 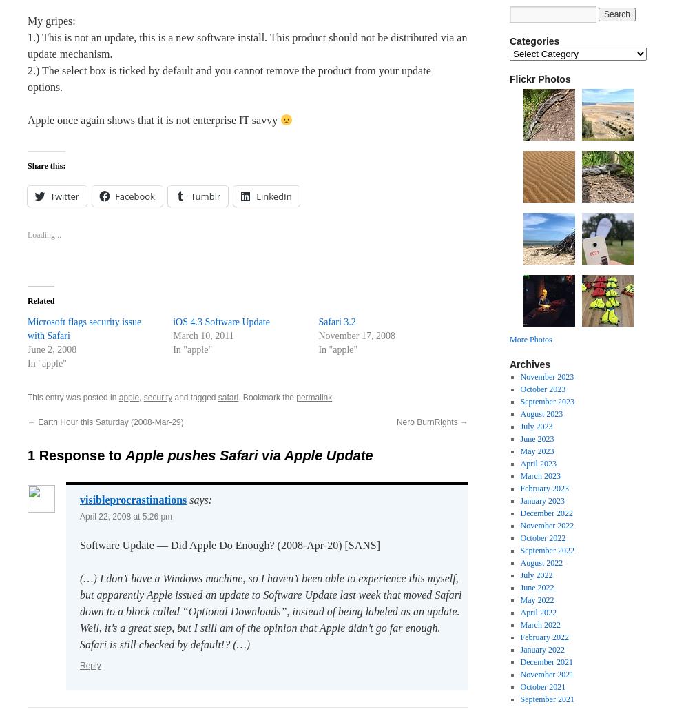 What do you see at coordinates (333, 396) in the screenshot?
I see `'.'` at bounding box center [333, 396].